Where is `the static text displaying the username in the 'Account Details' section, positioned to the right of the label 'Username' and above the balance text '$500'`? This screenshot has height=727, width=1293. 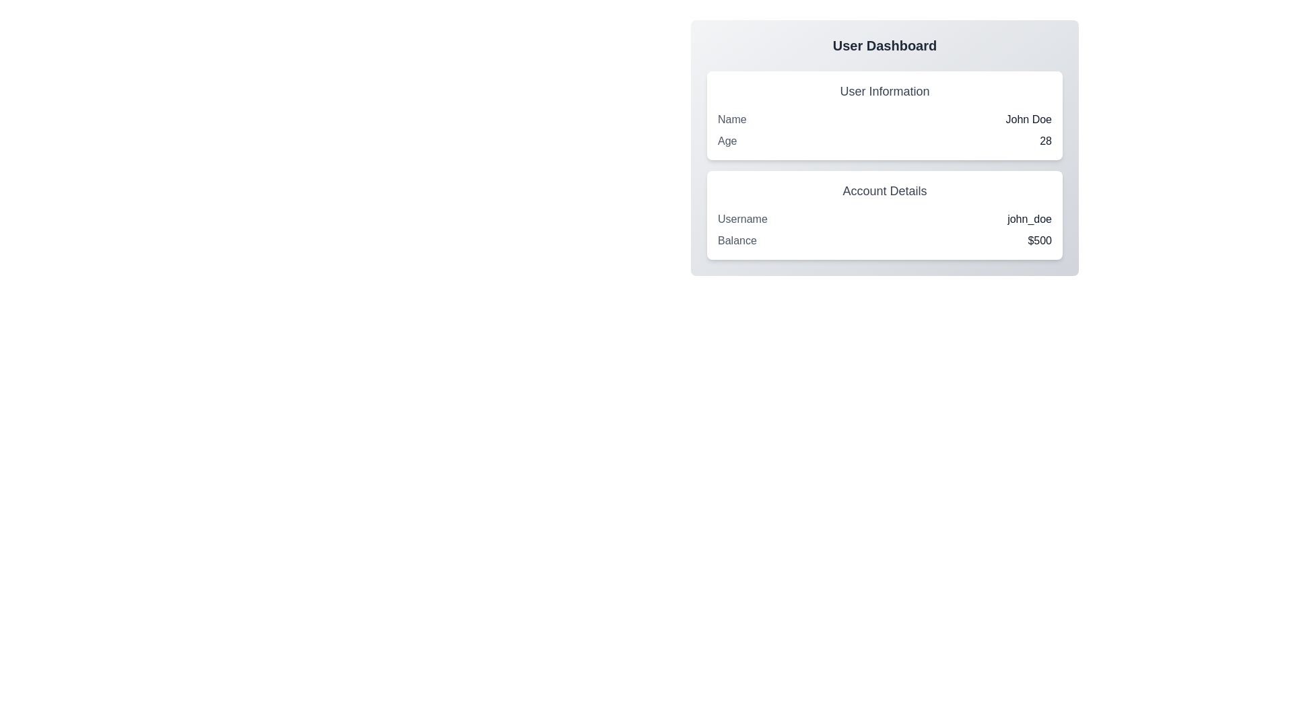 the static text displaying the username in the 'Account Details' section, positioned to the right of the label 'Username' and above the balance text '$500' is located at coordinates (1029, 219).